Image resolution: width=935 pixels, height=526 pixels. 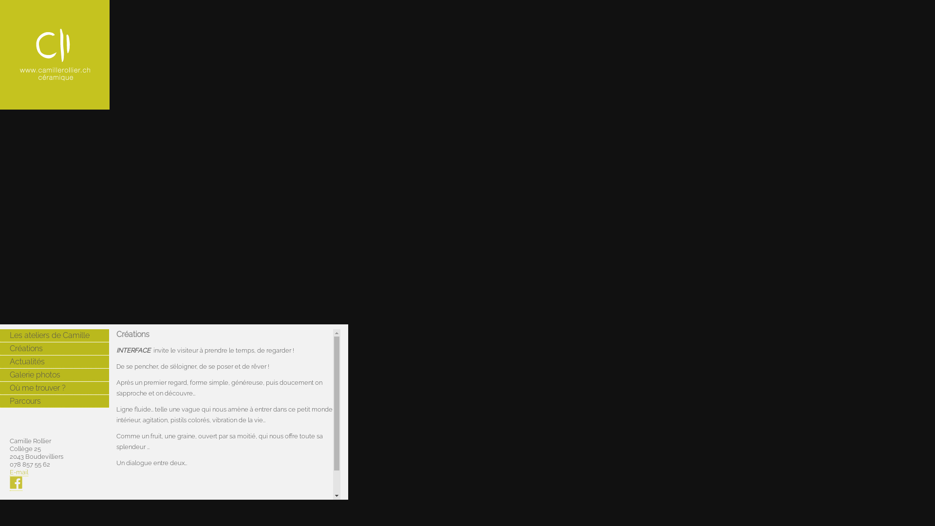 I want to click on 'E-mail', so click(x=19, y=471).